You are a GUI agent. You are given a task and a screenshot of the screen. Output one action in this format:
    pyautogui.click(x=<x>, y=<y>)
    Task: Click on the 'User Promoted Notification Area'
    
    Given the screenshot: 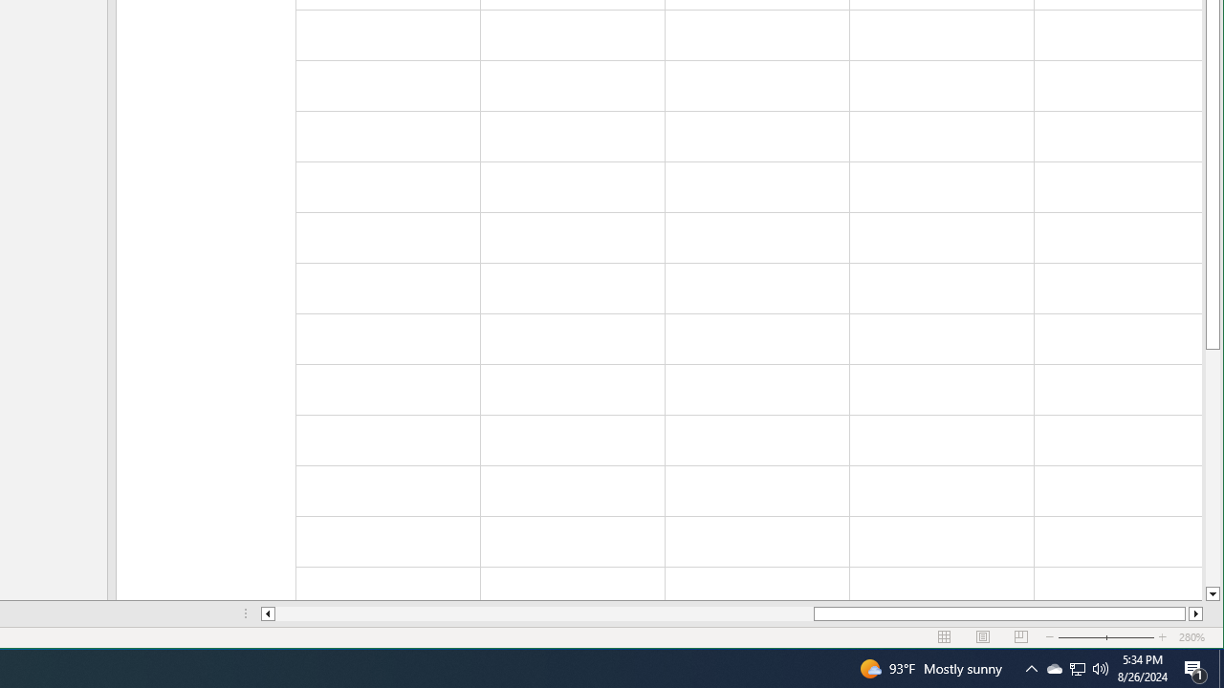 What is the action you would take?
    pyautogui.click(x=1078, y=667)
    